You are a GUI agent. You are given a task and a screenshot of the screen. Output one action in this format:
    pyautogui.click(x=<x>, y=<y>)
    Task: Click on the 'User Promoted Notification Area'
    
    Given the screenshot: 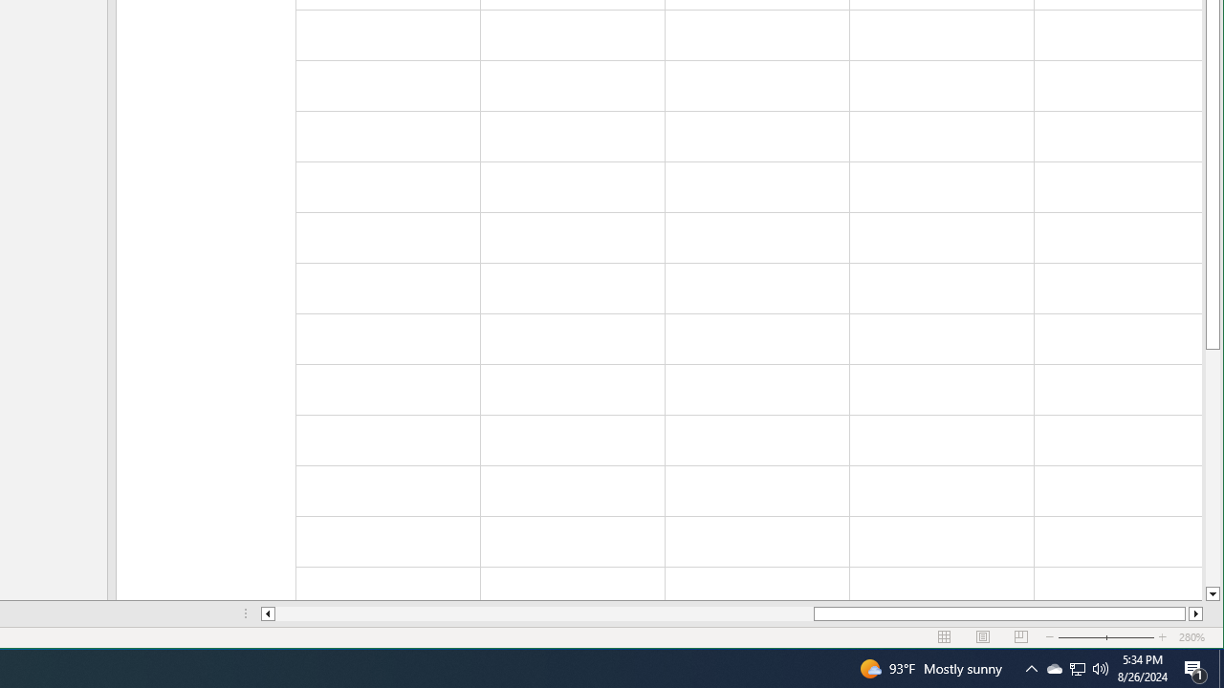 What is the action you would take?
    pyautogui.click(x=1078, y=667)
    